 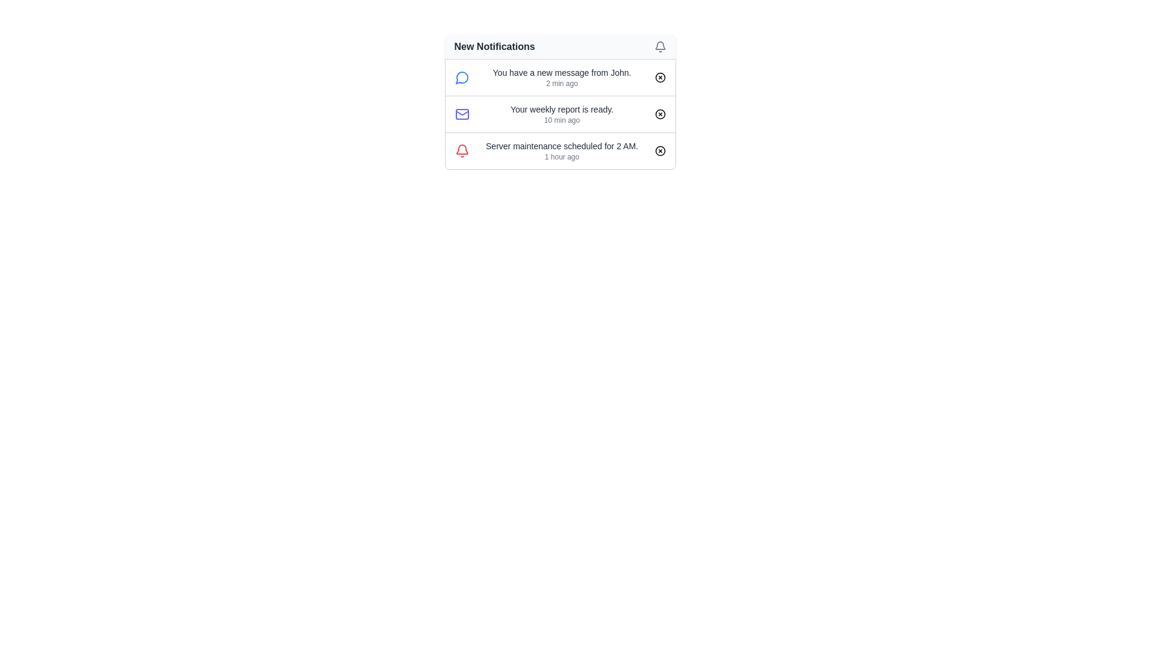 I want to click on the first notification item under 'New Notifications', so click(x=561, y=77).